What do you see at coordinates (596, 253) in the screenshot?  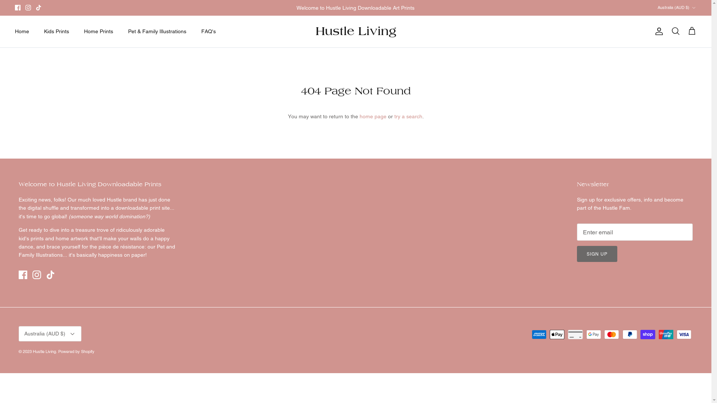 I see `'SIGN UP'` at bounding box center [596, 253].